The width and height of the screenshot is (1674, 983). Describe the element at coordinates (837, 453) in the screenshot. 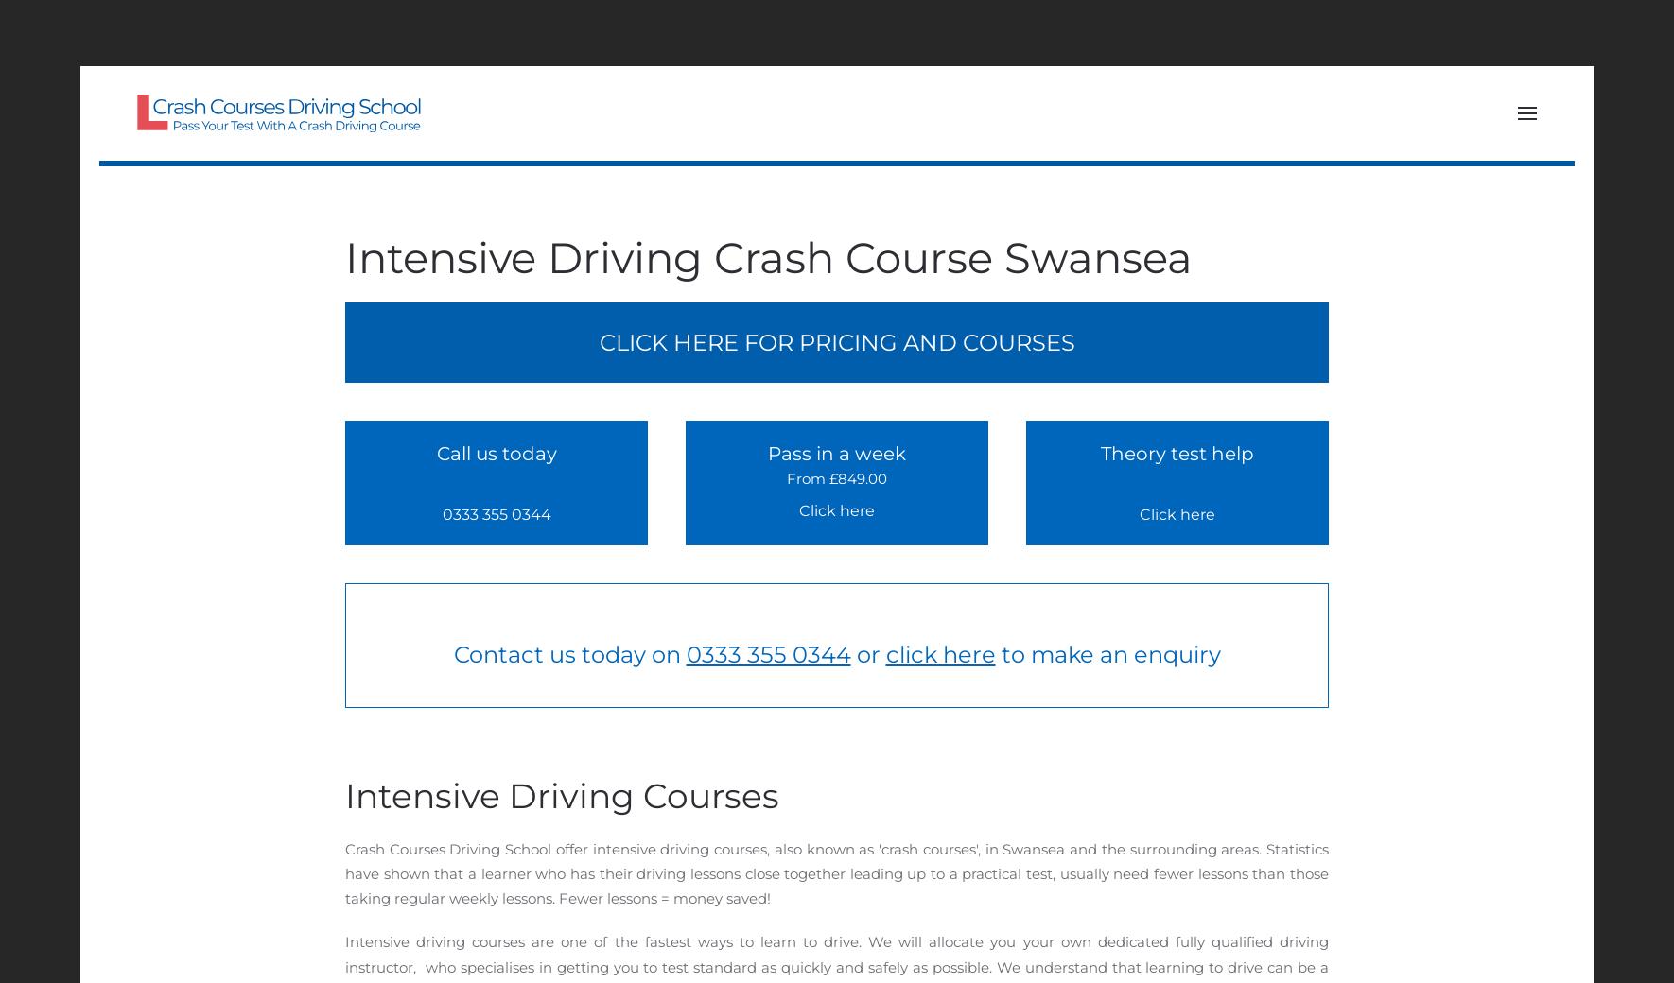

I see `'Pass in a week'` at that location.